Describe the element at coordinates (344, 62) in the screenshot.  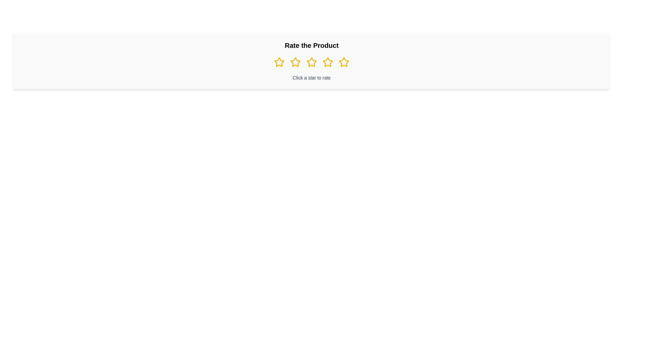
I see `the fifth star icon in the rating component, which has a yellow border and a white interior` at that location.